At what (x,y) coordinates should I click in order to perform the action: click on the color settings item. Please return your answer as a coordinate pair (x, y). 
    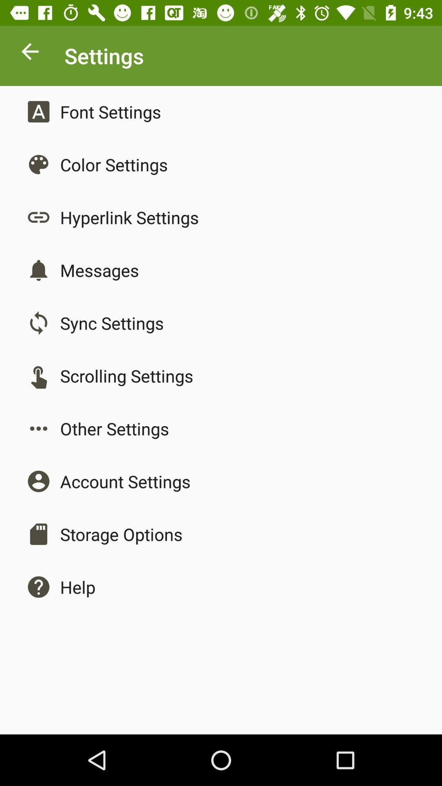
    Looking at the image, I should click on (114, 164).